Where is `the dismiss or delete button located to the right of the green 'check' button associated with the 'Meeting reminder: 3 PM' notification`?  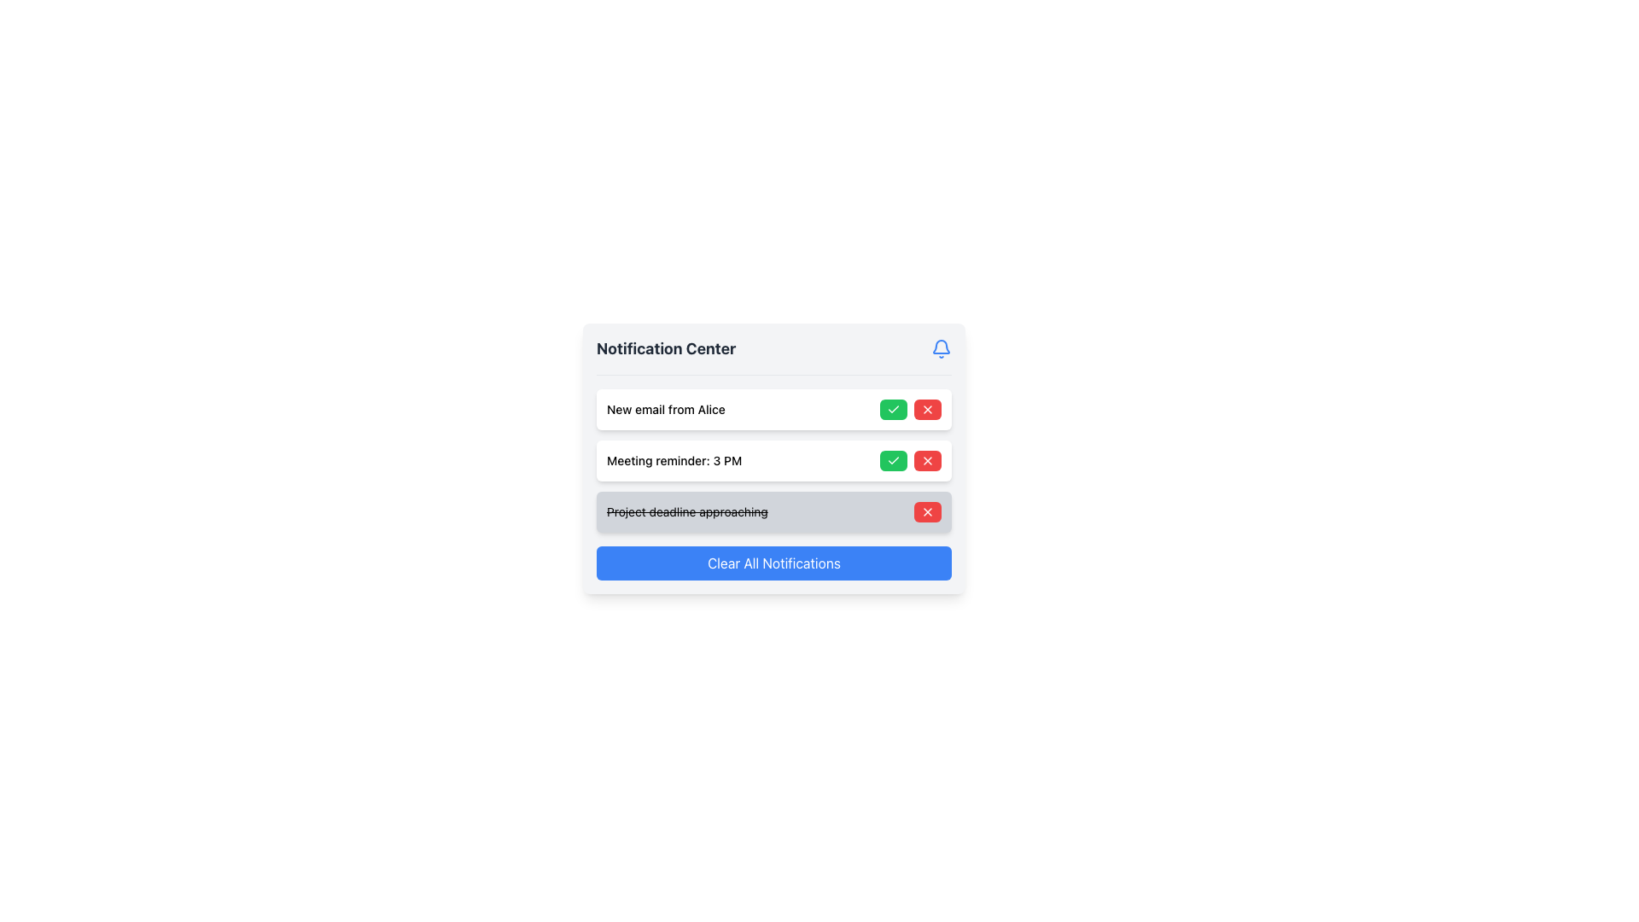 the dismiss or delete button located to the right of the green 'check' button associated with the 'Meeting reminder: 3 PM' notification is located at coordinates (926, 461).